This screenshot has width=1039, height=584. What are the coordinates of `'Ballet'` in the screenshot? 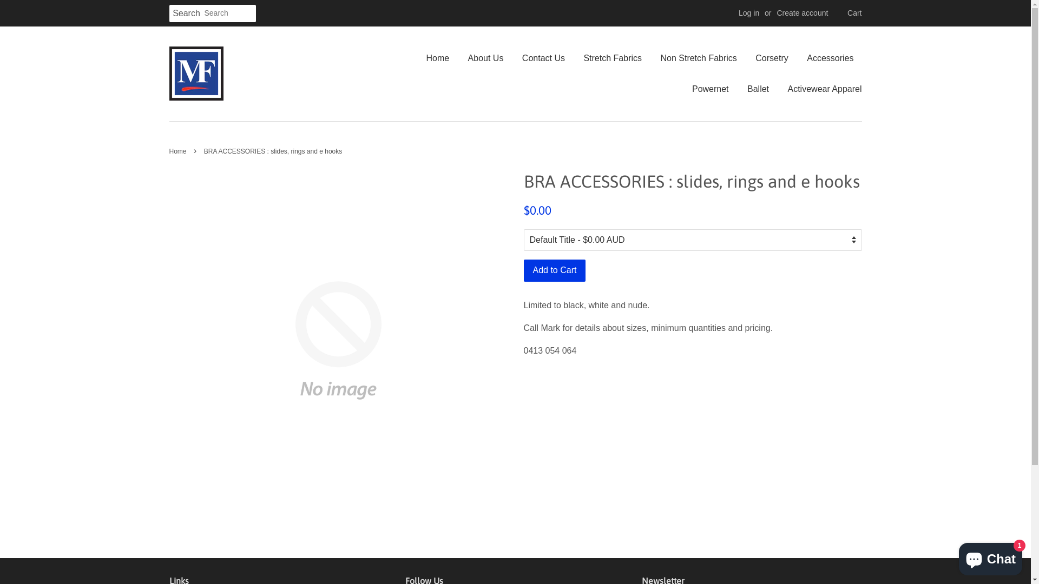 It's located at (758, 88).